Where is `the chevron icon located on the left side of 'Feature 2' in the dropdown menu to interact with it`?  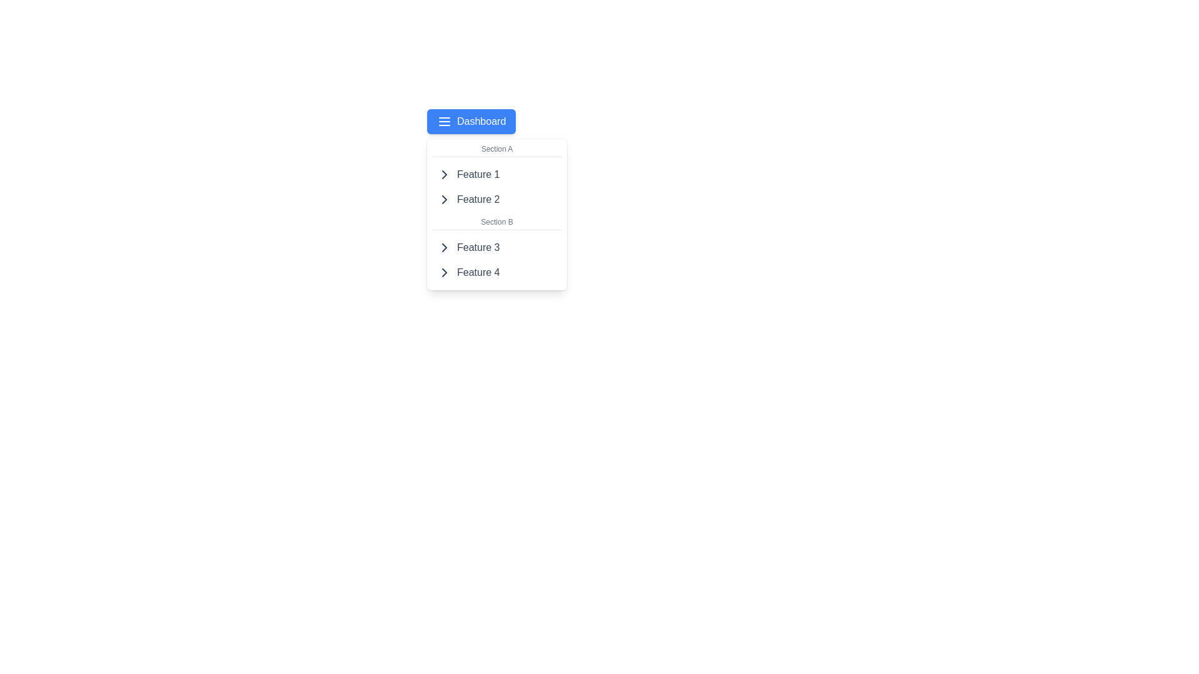
the chevron icon located on the left side of 'Feature 2' in the dropdown menu to interact with it is located at coordinates (444, 199).